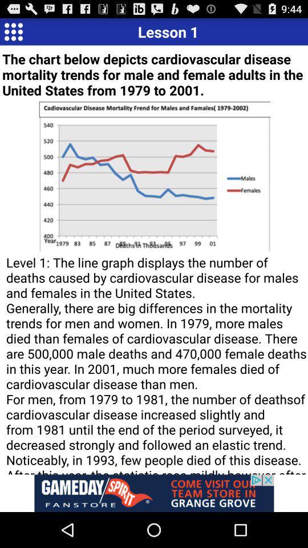  What do you see at coordinates (13, 31) in the screenshot?
I see `english listening and speaking` at bounding box center [13, 31].